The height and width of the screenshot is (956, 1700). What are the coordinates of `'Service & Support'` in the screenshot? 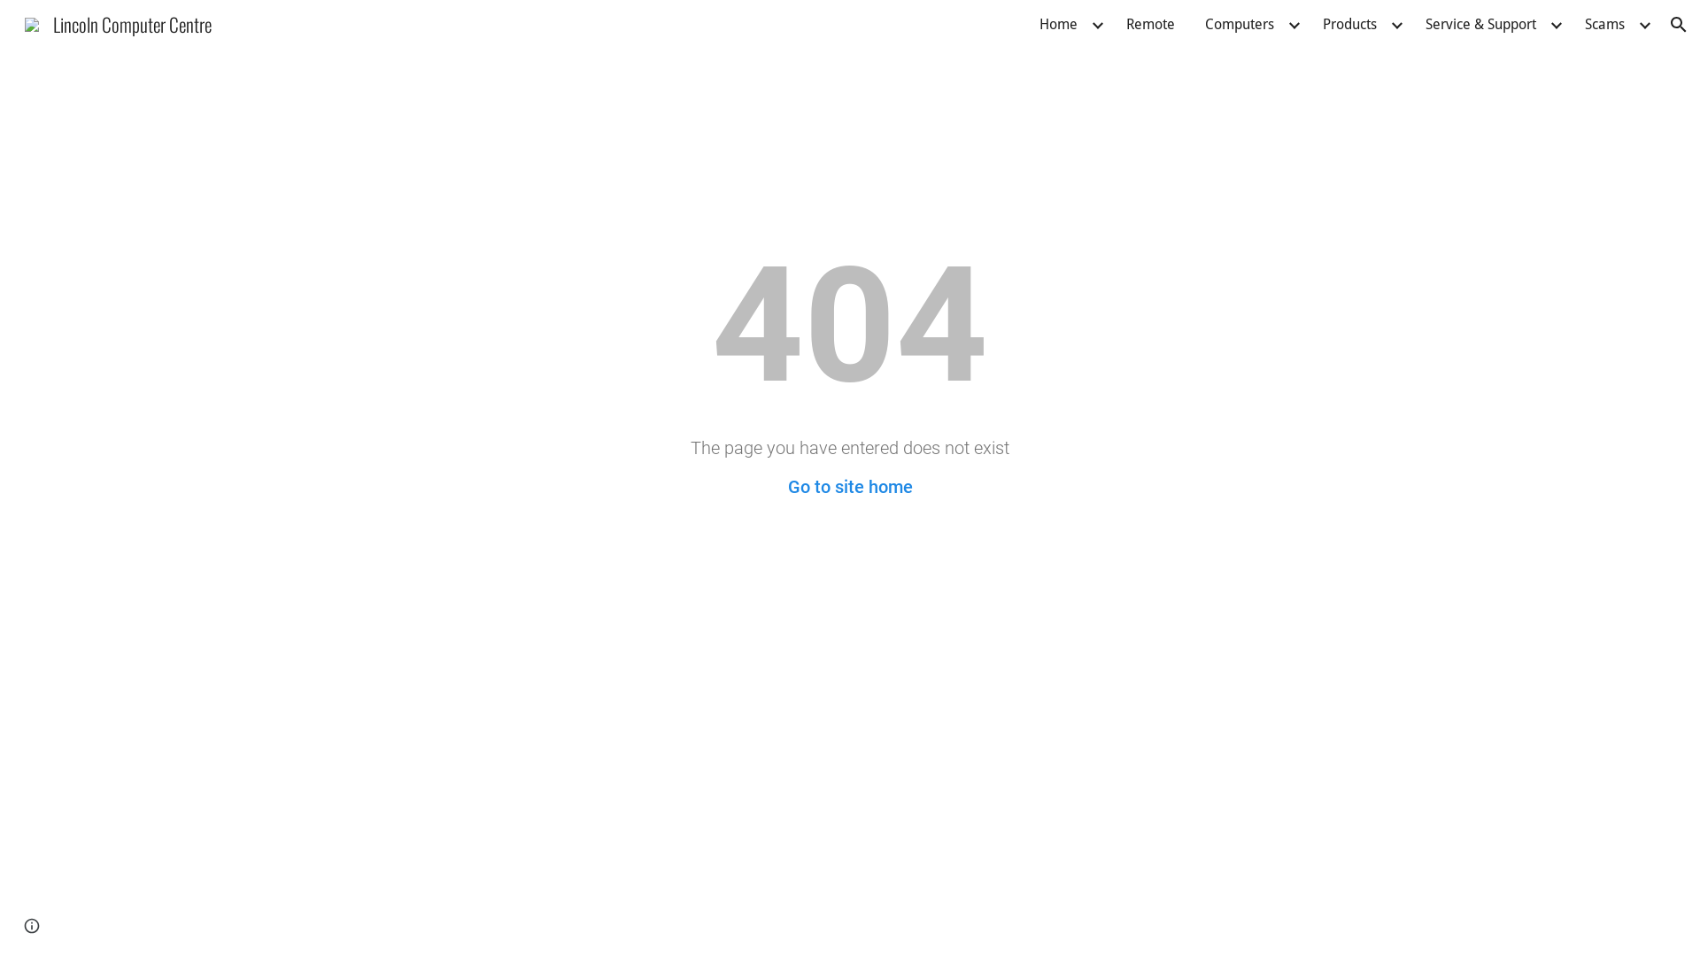 It's located at (1480, 24).